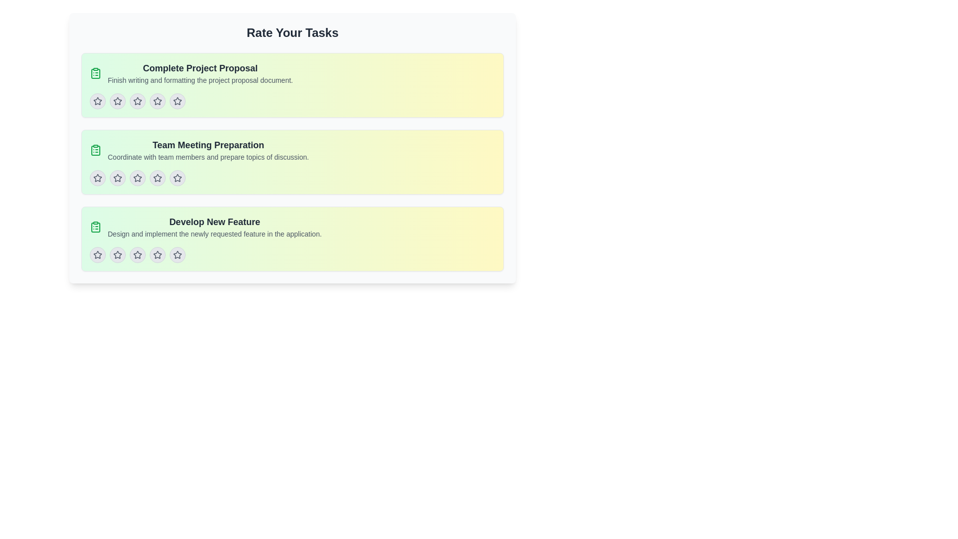 This screenshot has height=539, width=958. I want to click on the circular button icon with a light gray background and dark gray star in the center, which is the first icon in a row of five, located in the top section of the 'Complete Project Proposal' list item, so click(98, 101).